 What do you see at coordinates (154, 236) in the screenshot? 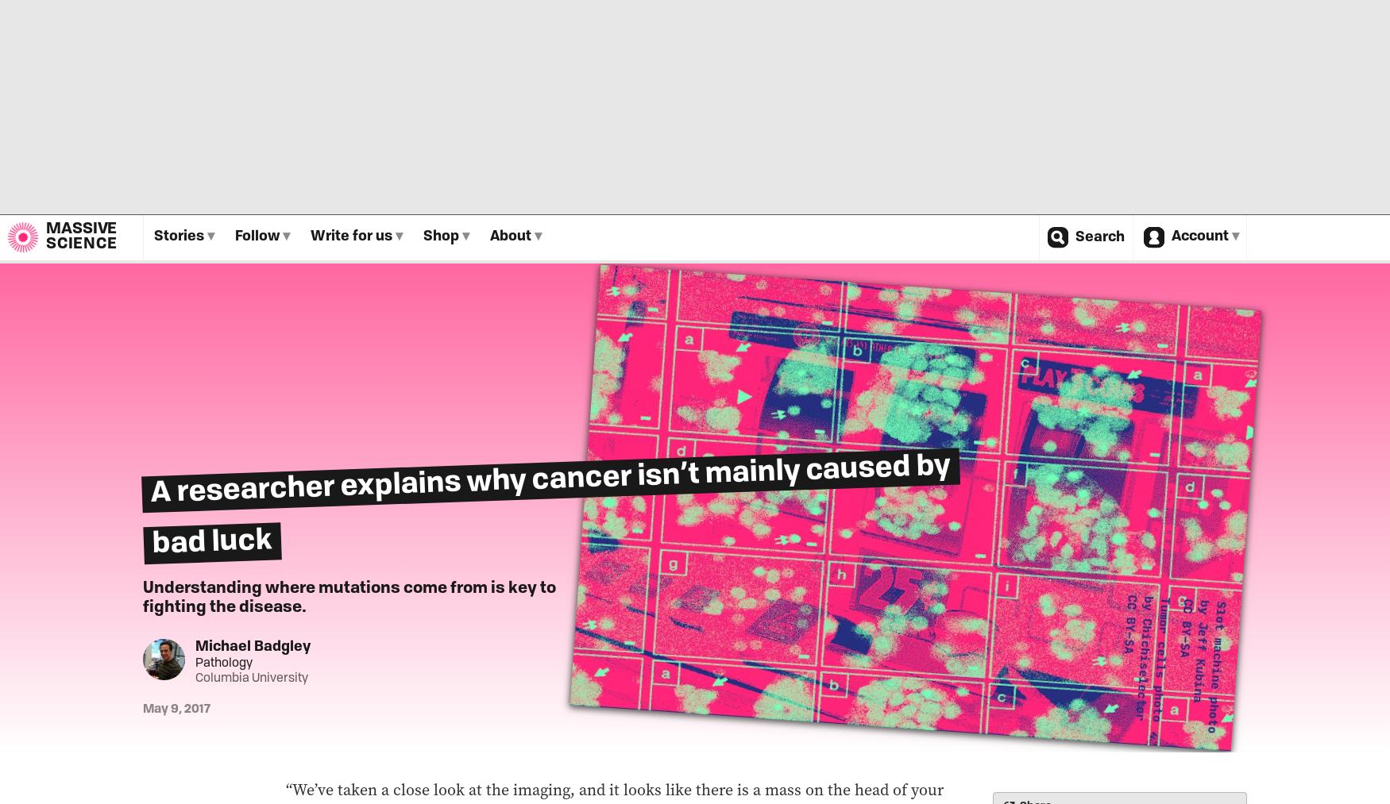
I see `'Stories'` at bounding box center [154, 236].